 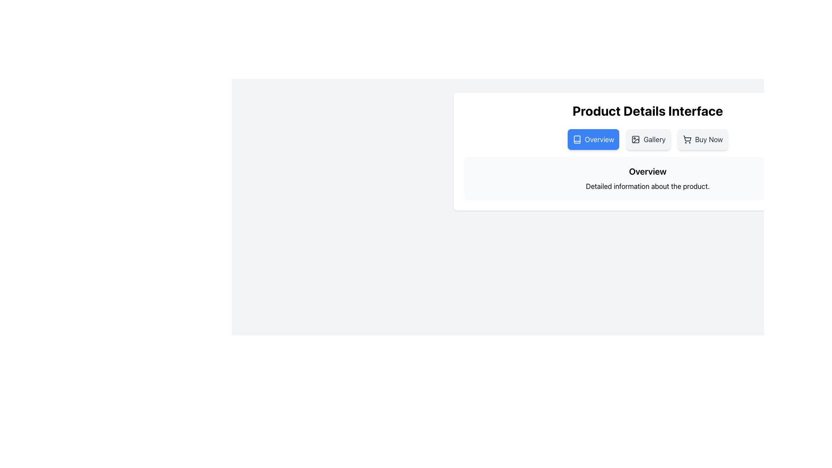 I want to click on the Text label part of the purchase button, which is located in the top-right corner of the 'Product Details Interface' header section, following an SVG shopping cart icon and adjacent to the 'Gallery' button, so click(x=709, y=139).